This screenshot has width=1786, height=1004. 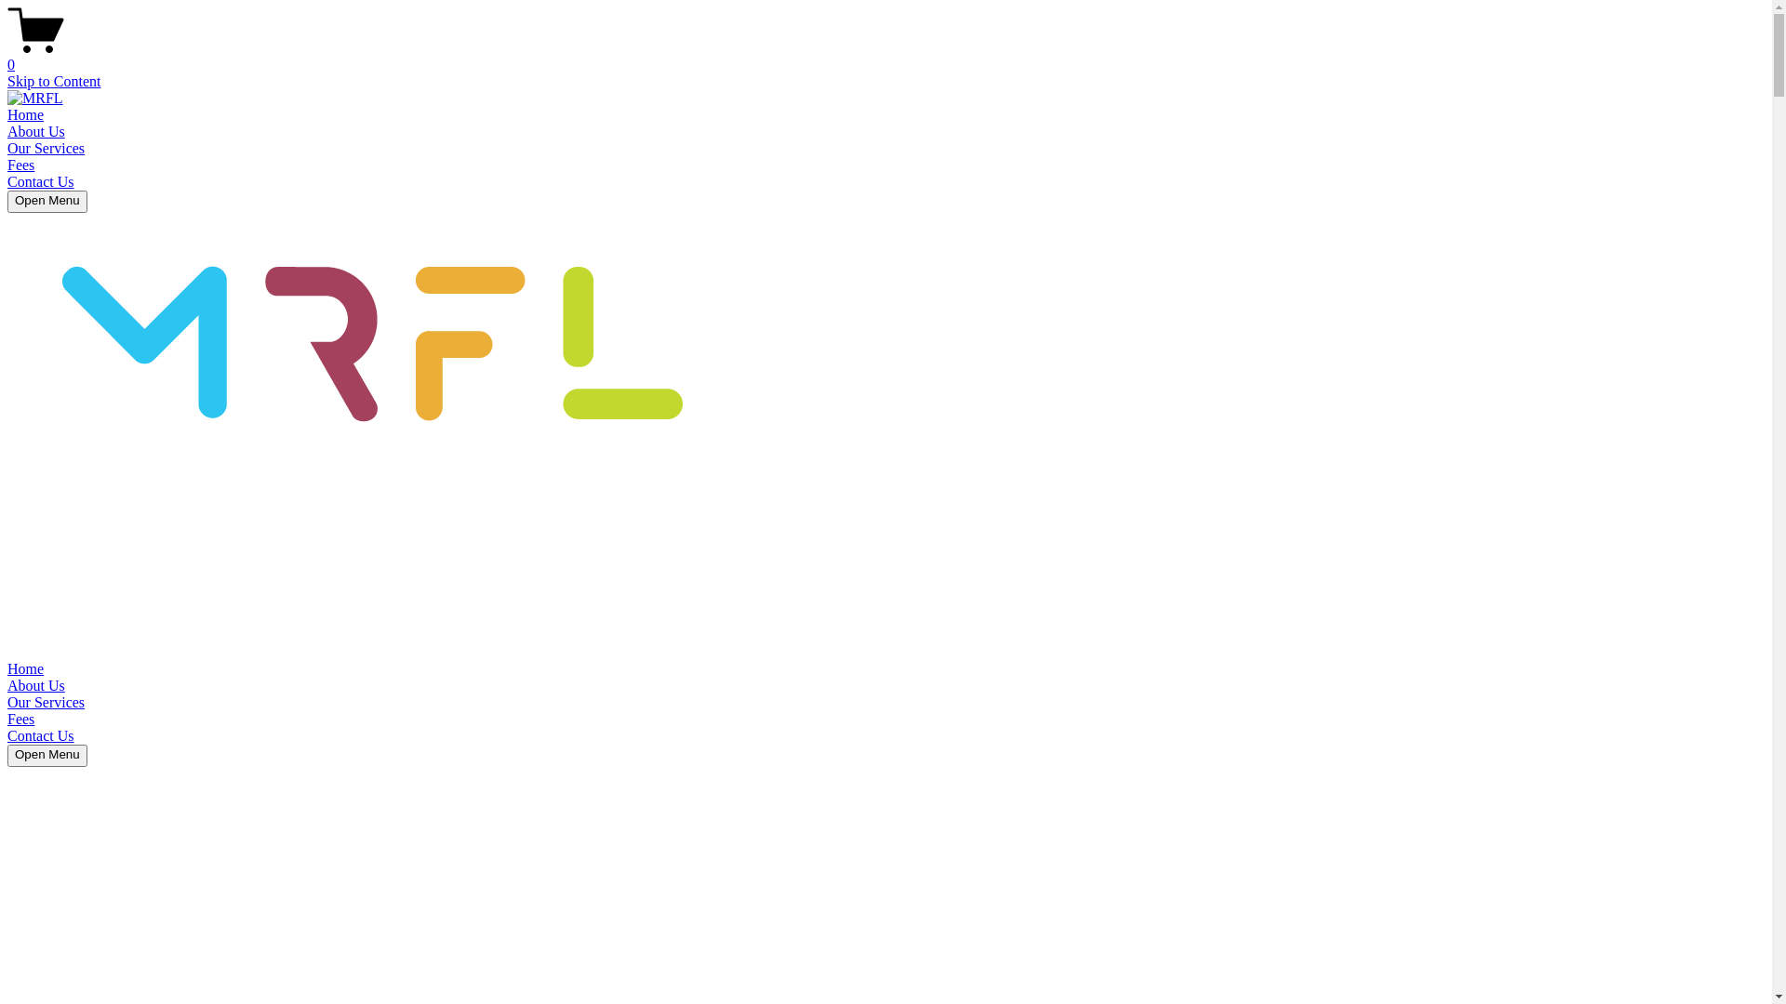 I want to click on 'Home', so click(x=25, y=667).